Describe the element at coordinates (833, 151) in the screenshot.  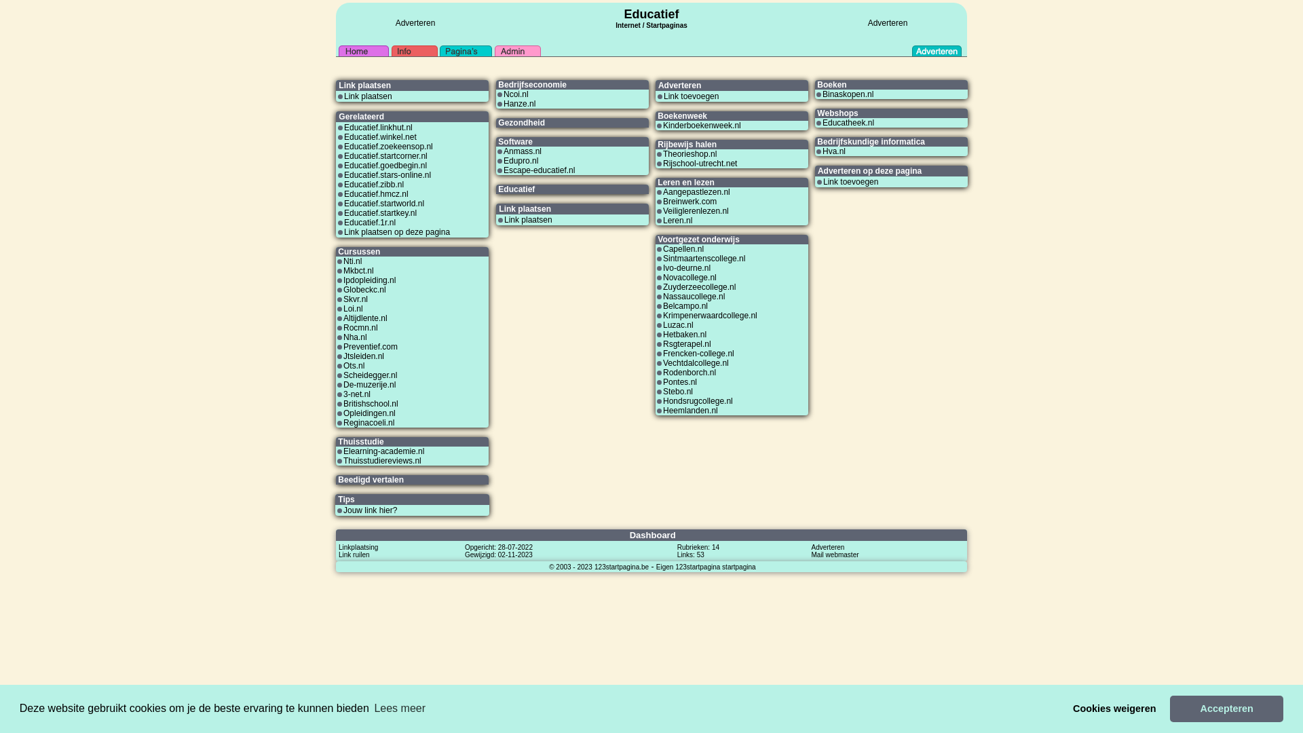
I see `'Hva.nl'` at that location.